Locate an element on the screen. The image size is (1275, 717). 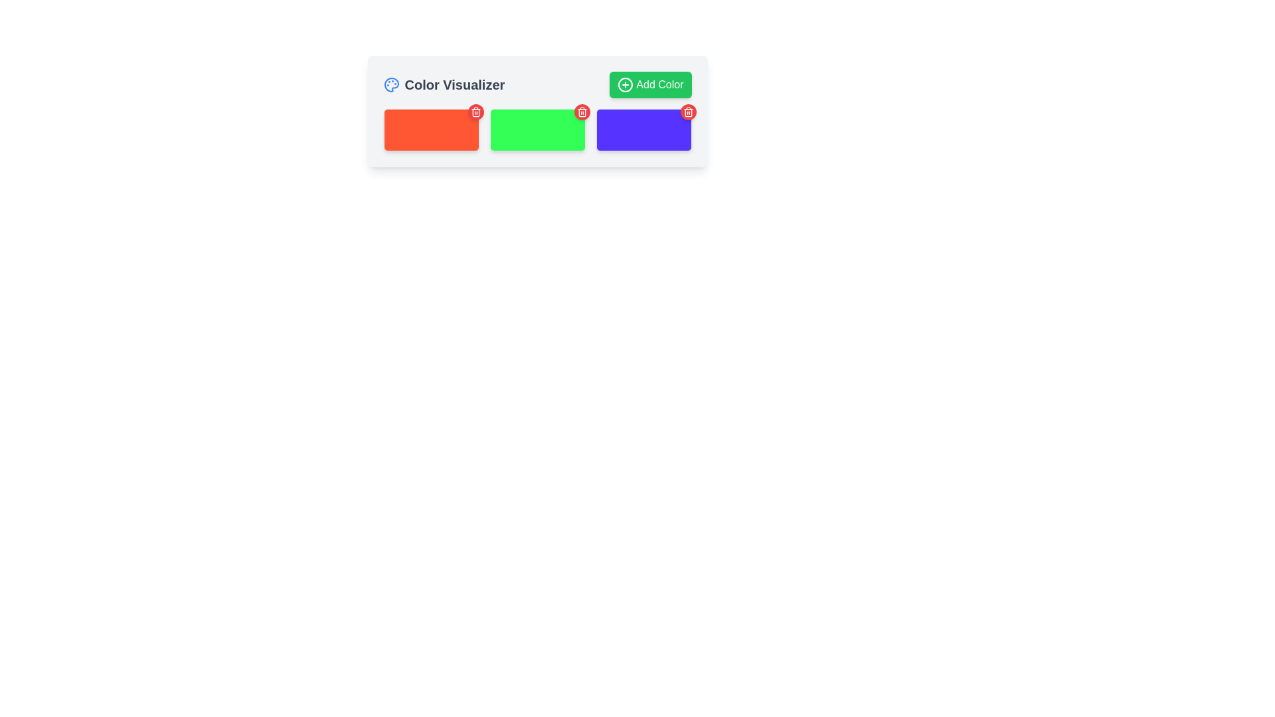
the circular icon within the 'Add Color' button, which is the rightmost element in the interface is located at coordinates (625, 84).